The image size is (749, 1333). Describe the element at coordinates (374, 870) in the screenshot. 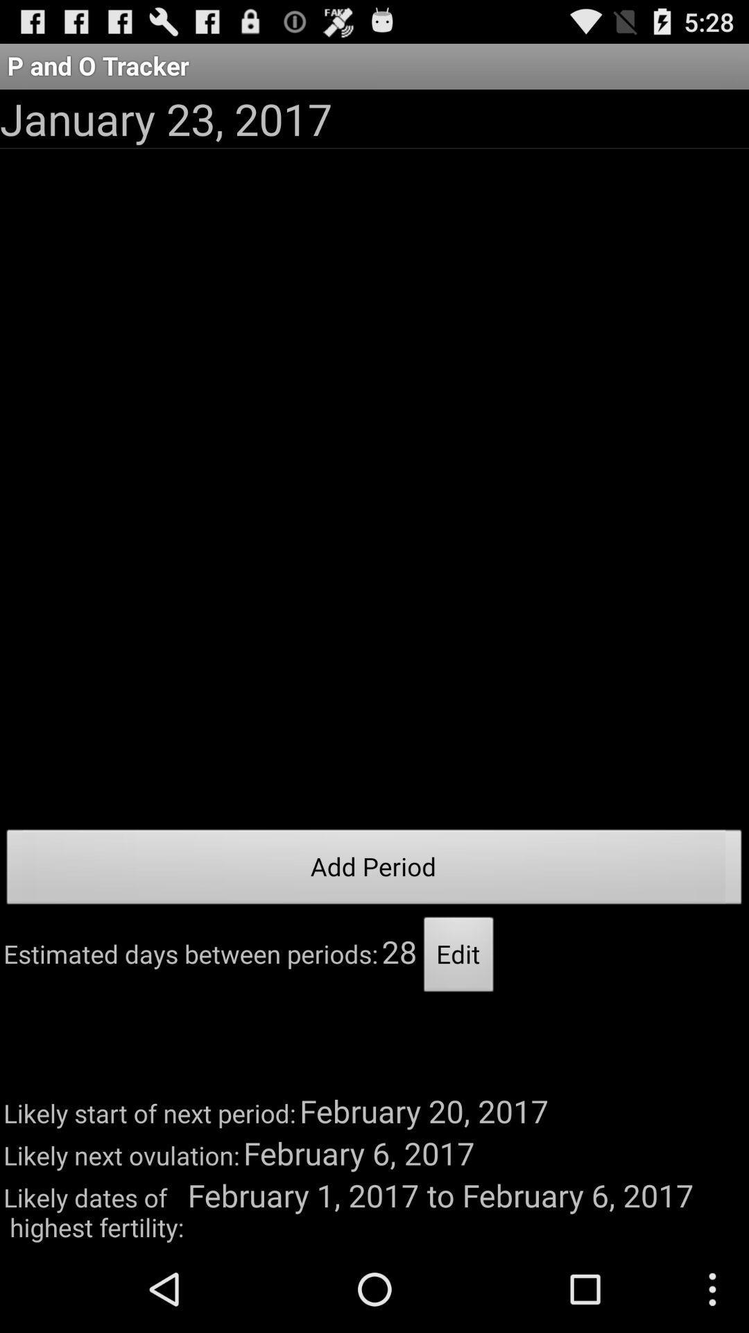

I see `the button above the edit icon` at that location.